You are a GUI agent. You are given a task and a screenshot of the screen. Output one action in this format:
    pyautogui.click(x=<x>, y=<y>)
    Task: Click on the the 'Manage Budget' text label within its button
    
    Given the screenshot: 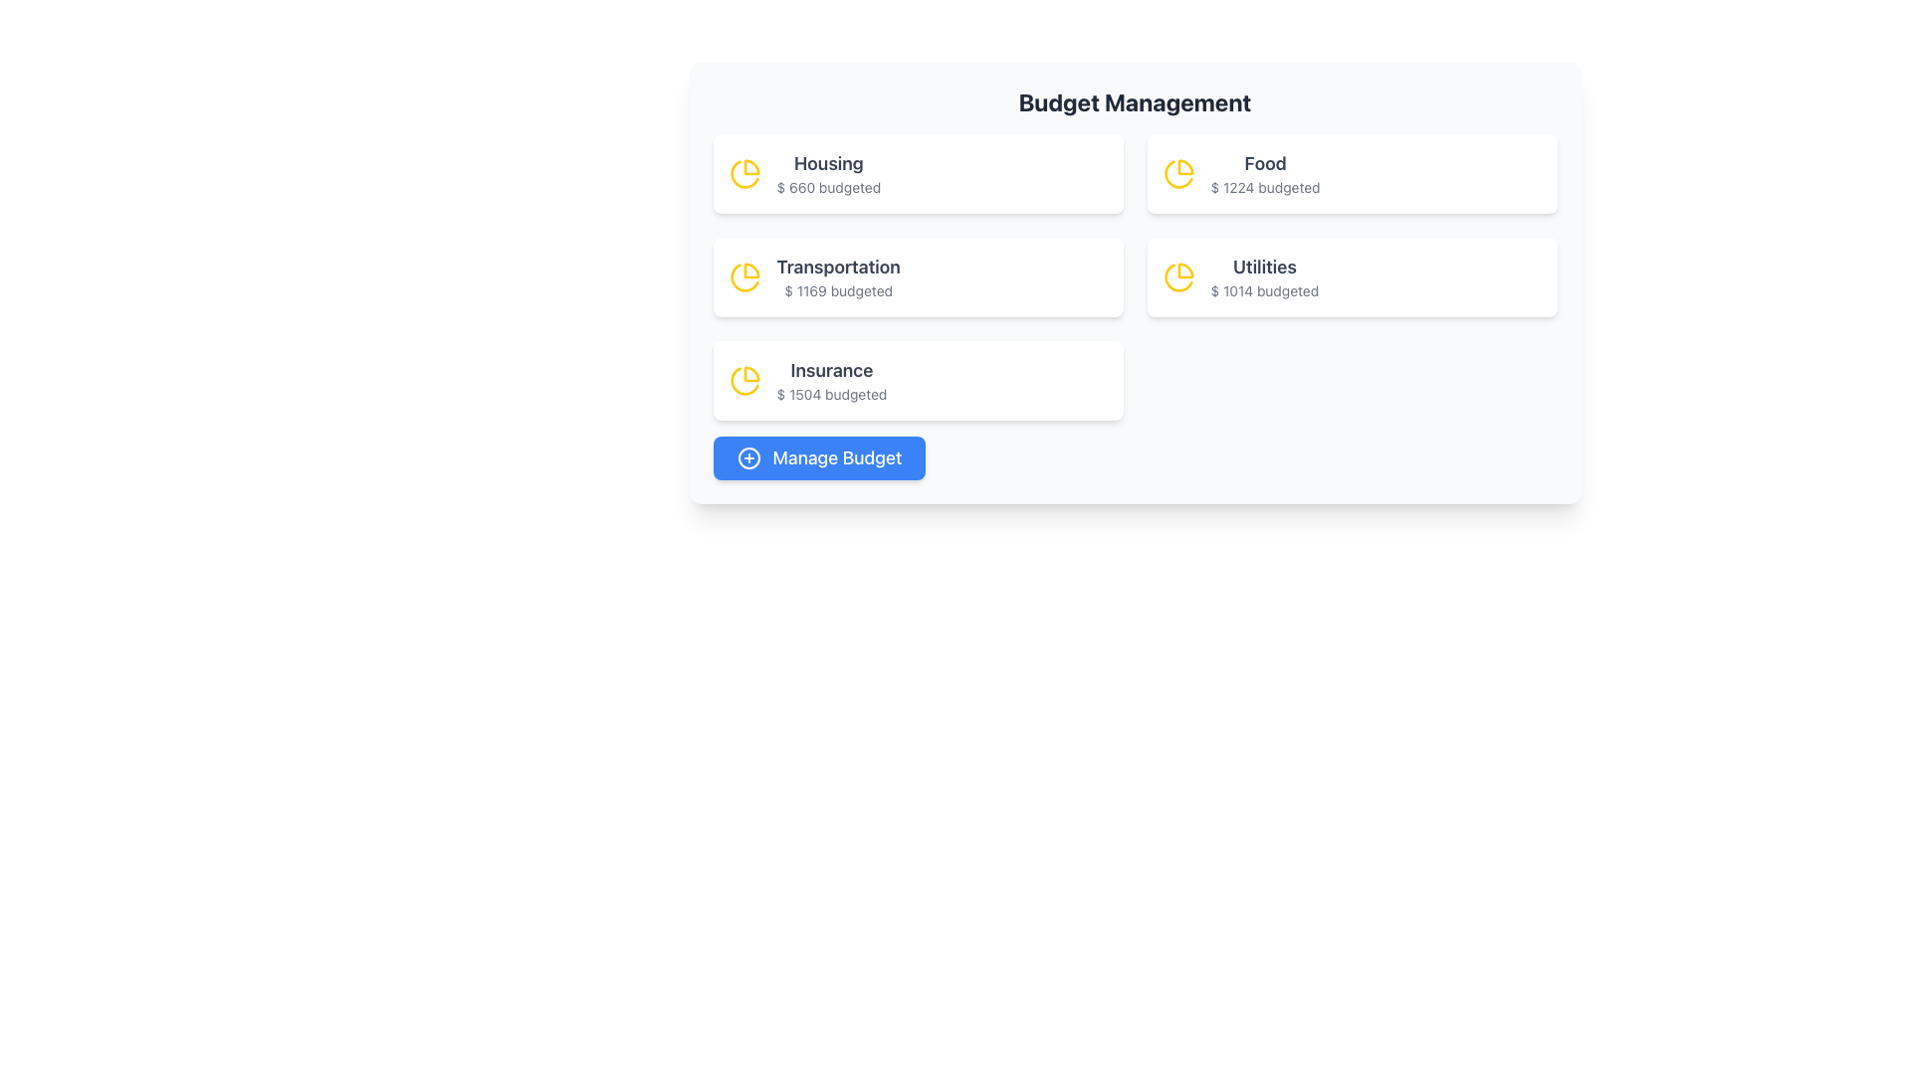 What is the action you would take?
    pyautogui.click(x=837, y=458)
    